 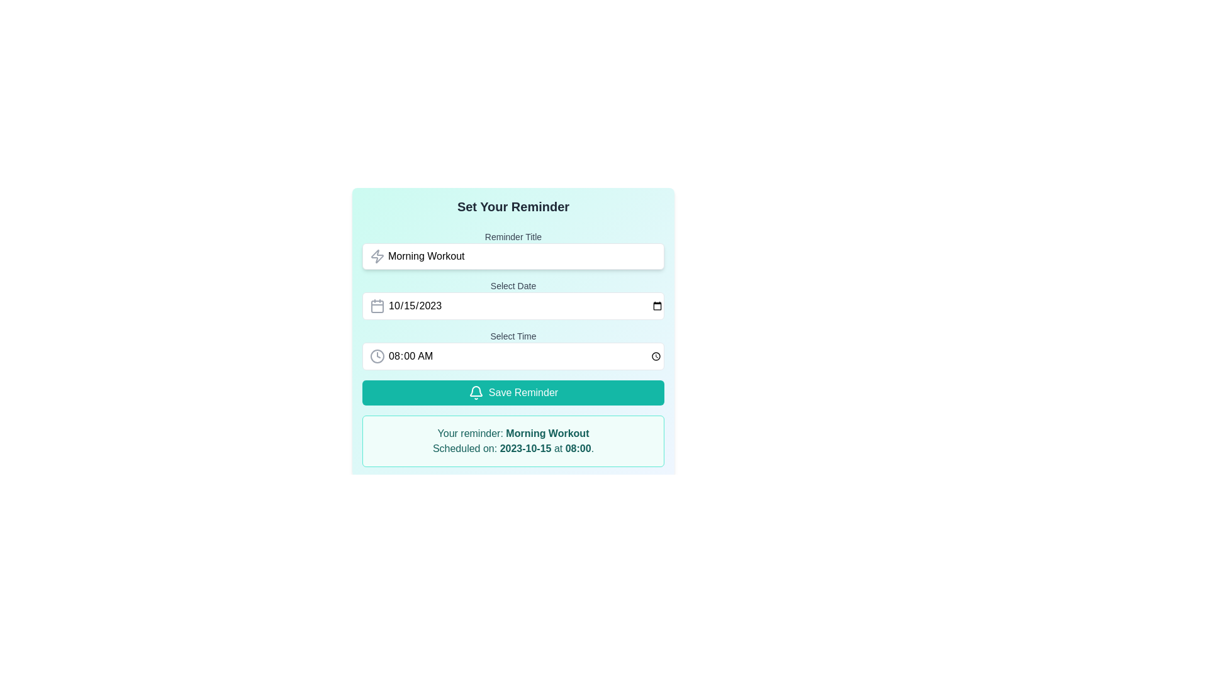 I want to click on the small, outlined gray clock icon located to the left of the time input field displaying '08:00 AM', so click(x=377, y=356).